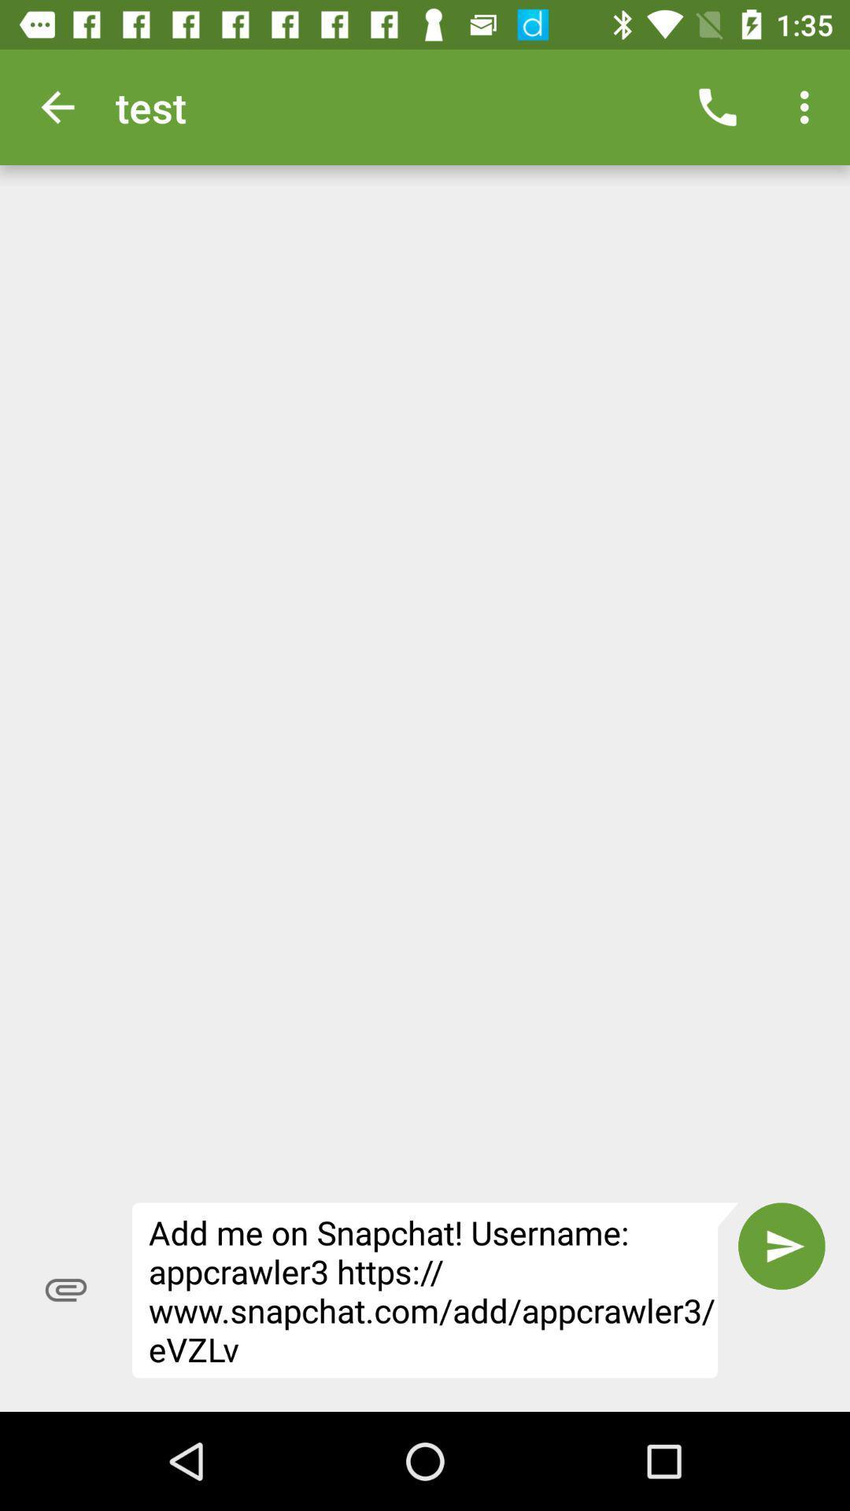 Image resolution: width=850 pixels, height=1511 pixels. Describe the element at coordinates (782, 1245) in the screenshot. I see `the send icon` at that location.